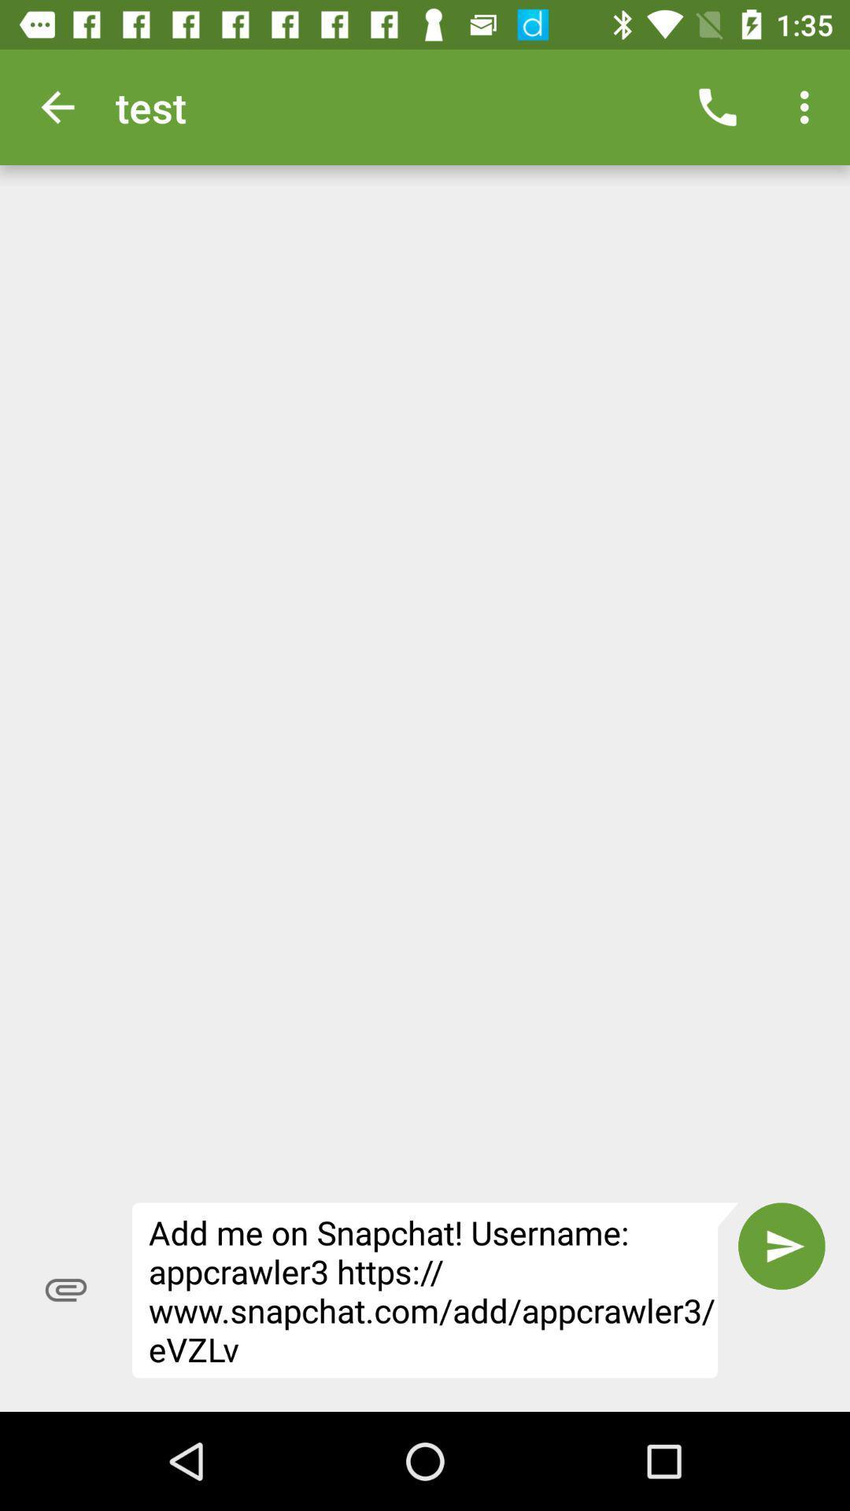 Image resolution: width=850 pixels, height=1511 pixels. Describe the element at coordinates (782, 1245) in the screenshot. I see `the send icon` at that location.